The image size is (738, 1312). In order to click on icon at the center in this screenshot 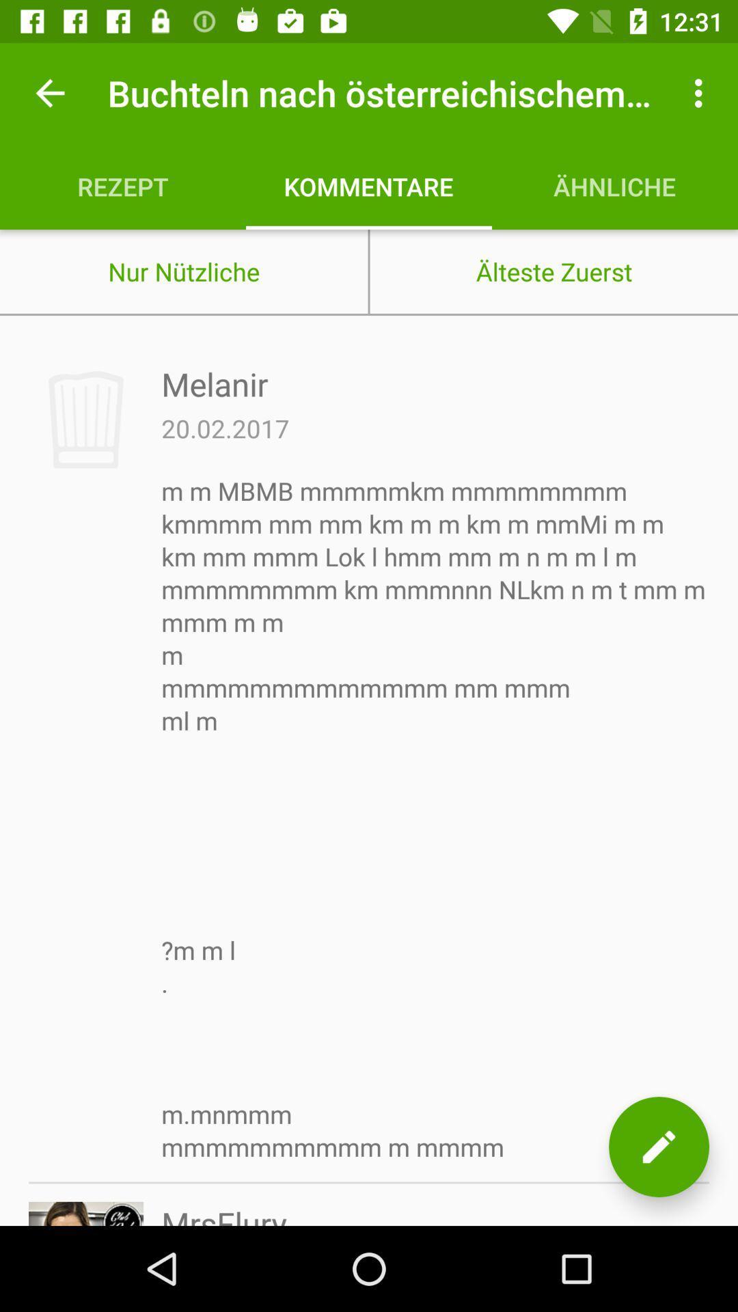, I will do `click(435, 819)`.